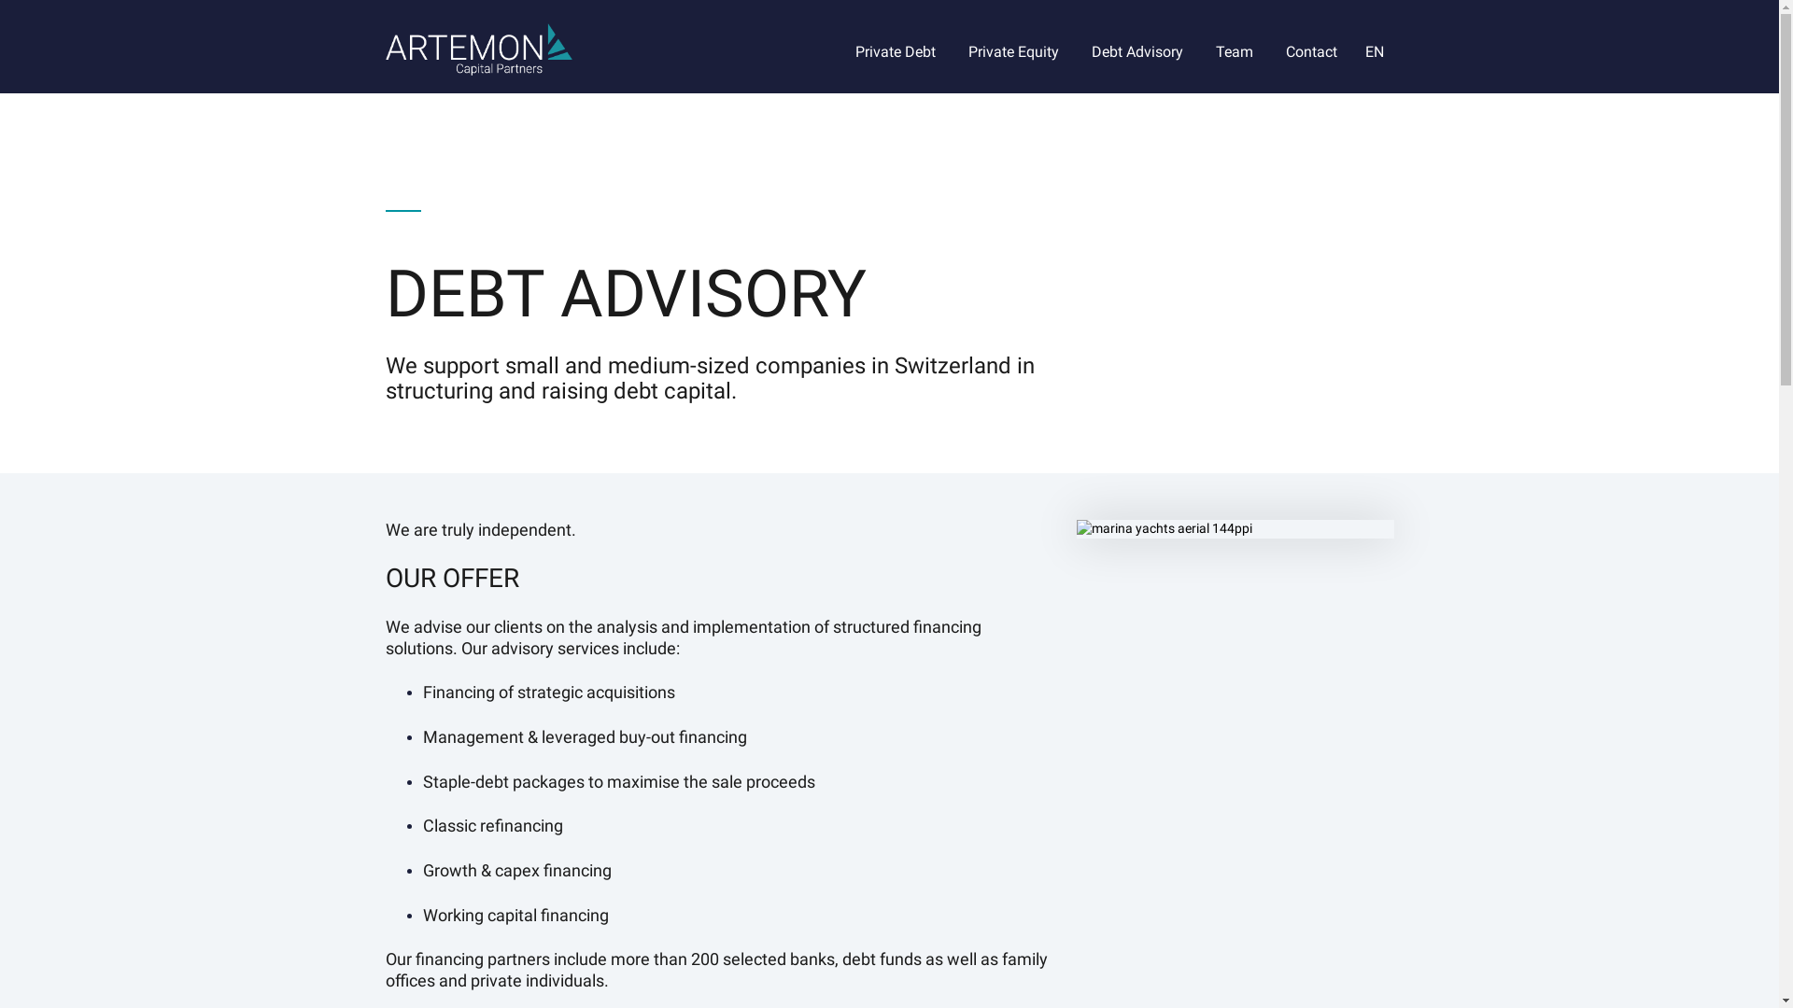 Image resolution: width=1793 pixels, height=1008 pixels. I want to click on 'EN', so click(1375, 56).